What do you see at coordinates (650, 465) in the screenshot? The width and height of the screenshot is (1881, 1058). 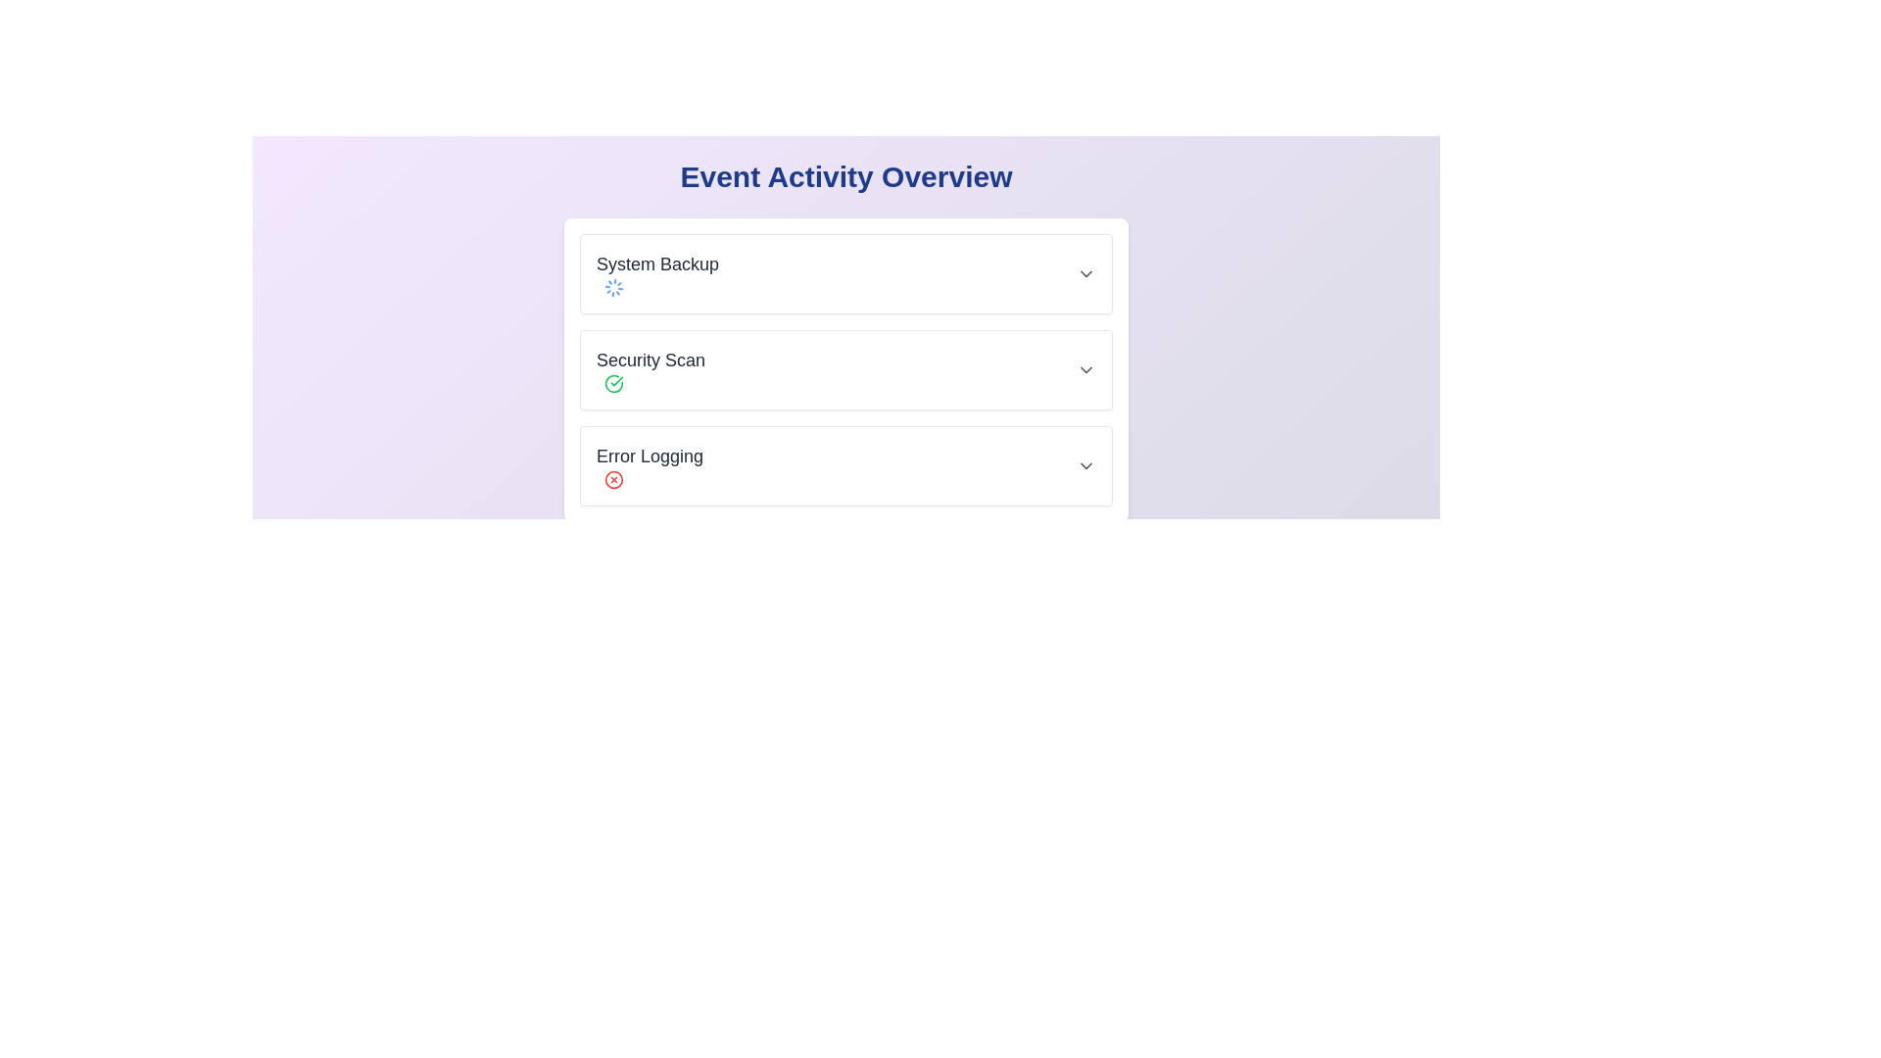 I see `the error notification label with an icon located in the 'Event Activity Overview' section, which is the third item in the list after 'System Backup' and 'Security Scan'` at bounding box center [650, 465].